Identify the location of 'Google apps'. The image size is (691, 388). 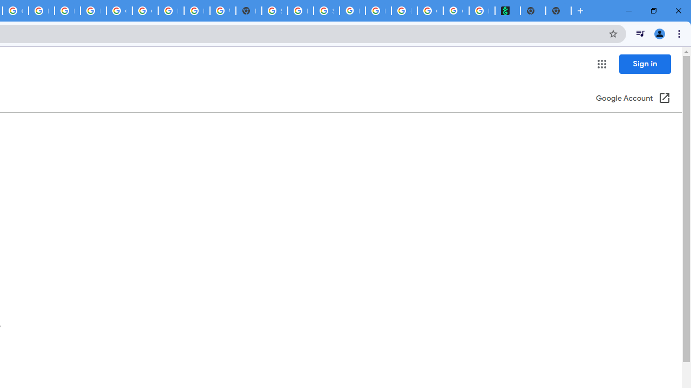
(601, 64).